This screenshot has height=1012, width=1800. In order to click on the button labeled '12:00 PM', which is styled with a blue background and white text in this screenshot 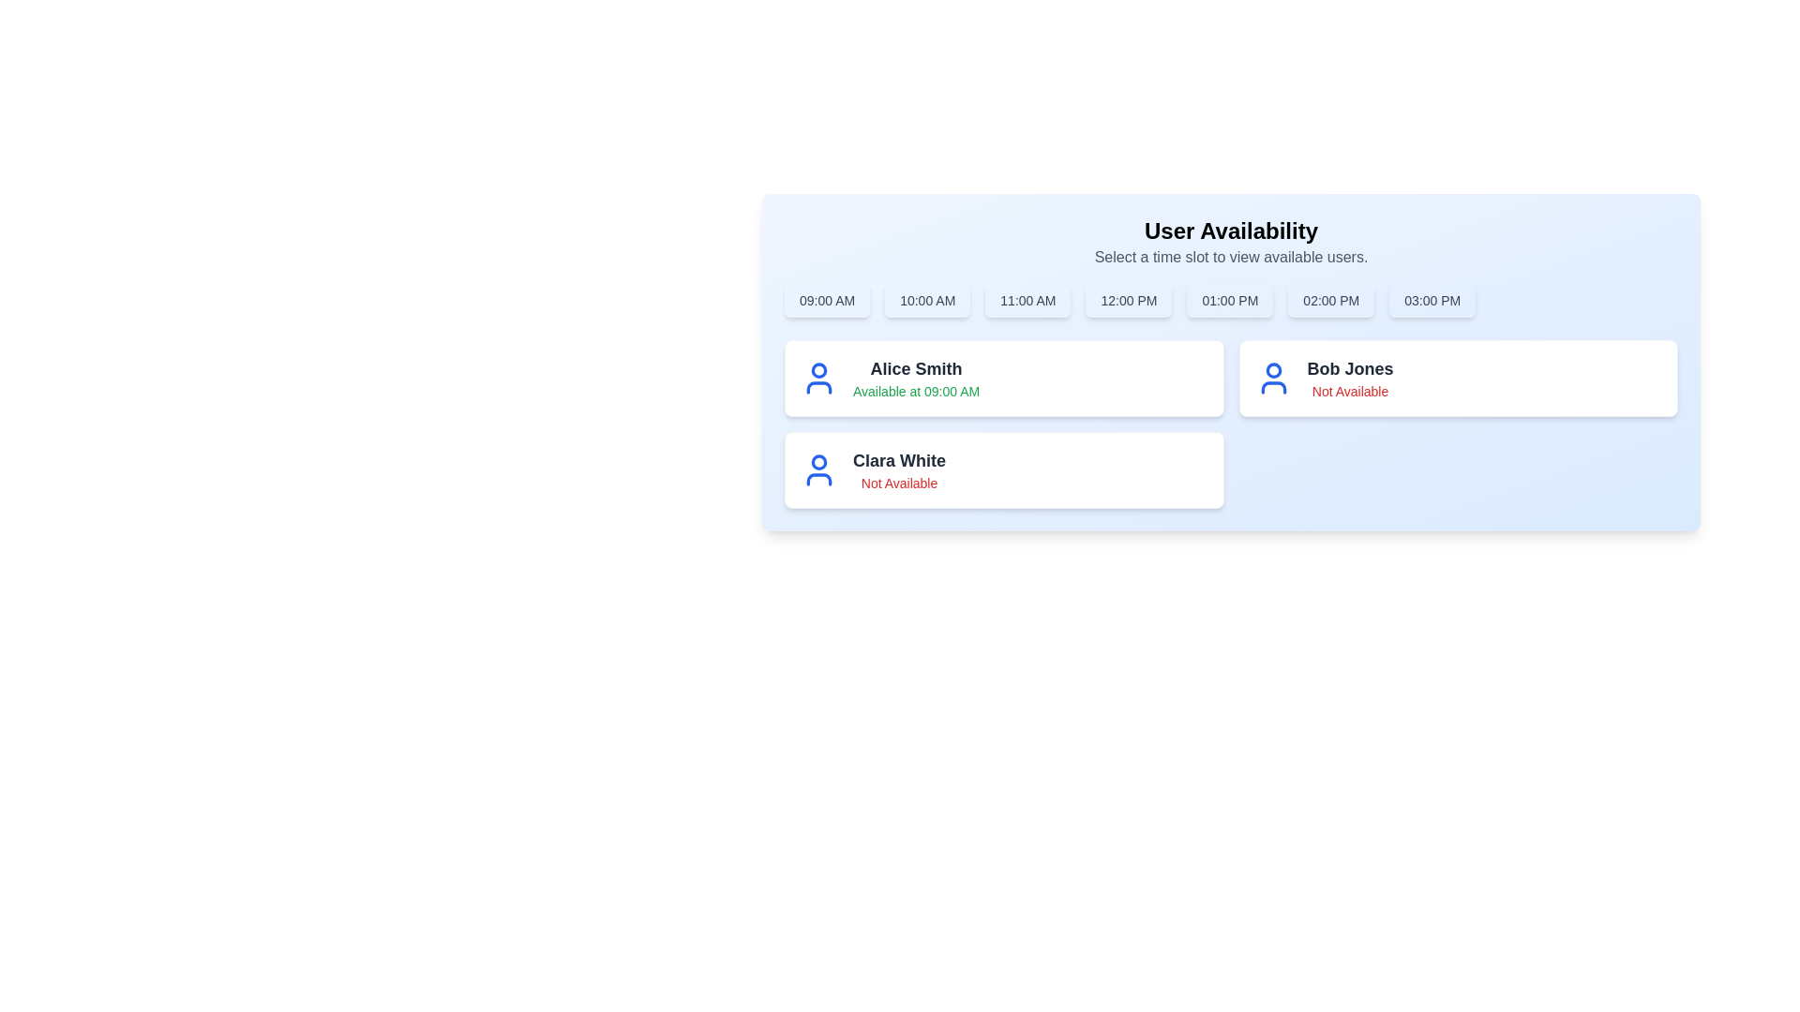, I will do `click(1128, 299)`.